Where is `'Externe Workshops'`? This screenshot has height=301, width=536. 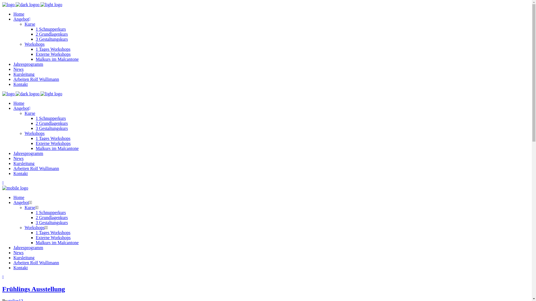
'Externe Workshops' is located at coordinates (53, 54).